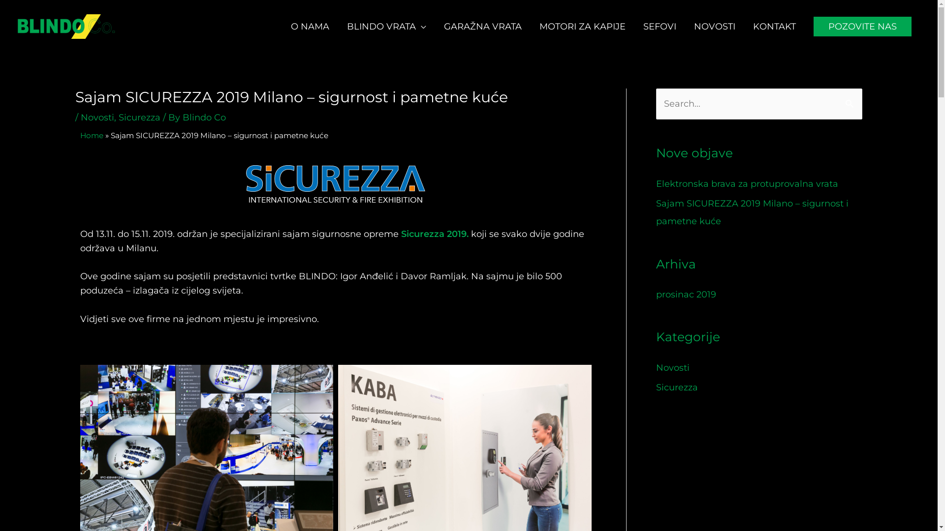 The width and height of the screenshot is (945, 531). I want to click on 'Sicurezza 2019.', so click(401, 234).